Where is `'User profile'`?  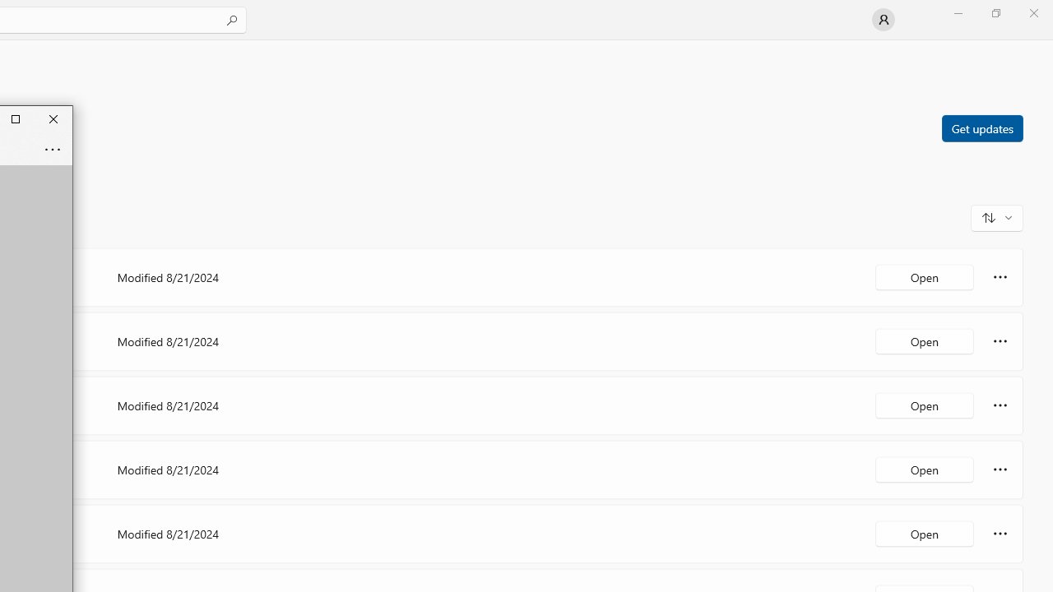 'User profile' is located at coordinates (882, 20).